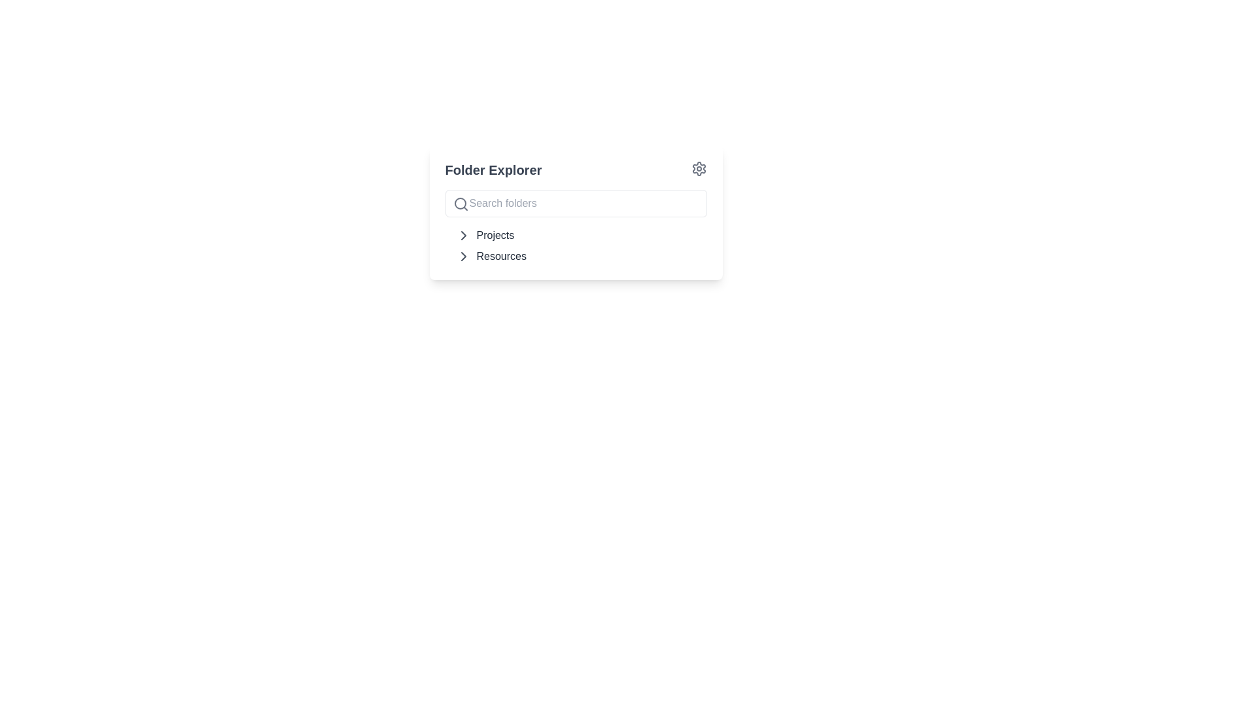 Image resolution: width=1256 pixels, height=707 pixels. I want to click on the first Expandable Menu Item labeled 'Projects' in the sidebar of the Folder Explorer interface, so click(580, 234).